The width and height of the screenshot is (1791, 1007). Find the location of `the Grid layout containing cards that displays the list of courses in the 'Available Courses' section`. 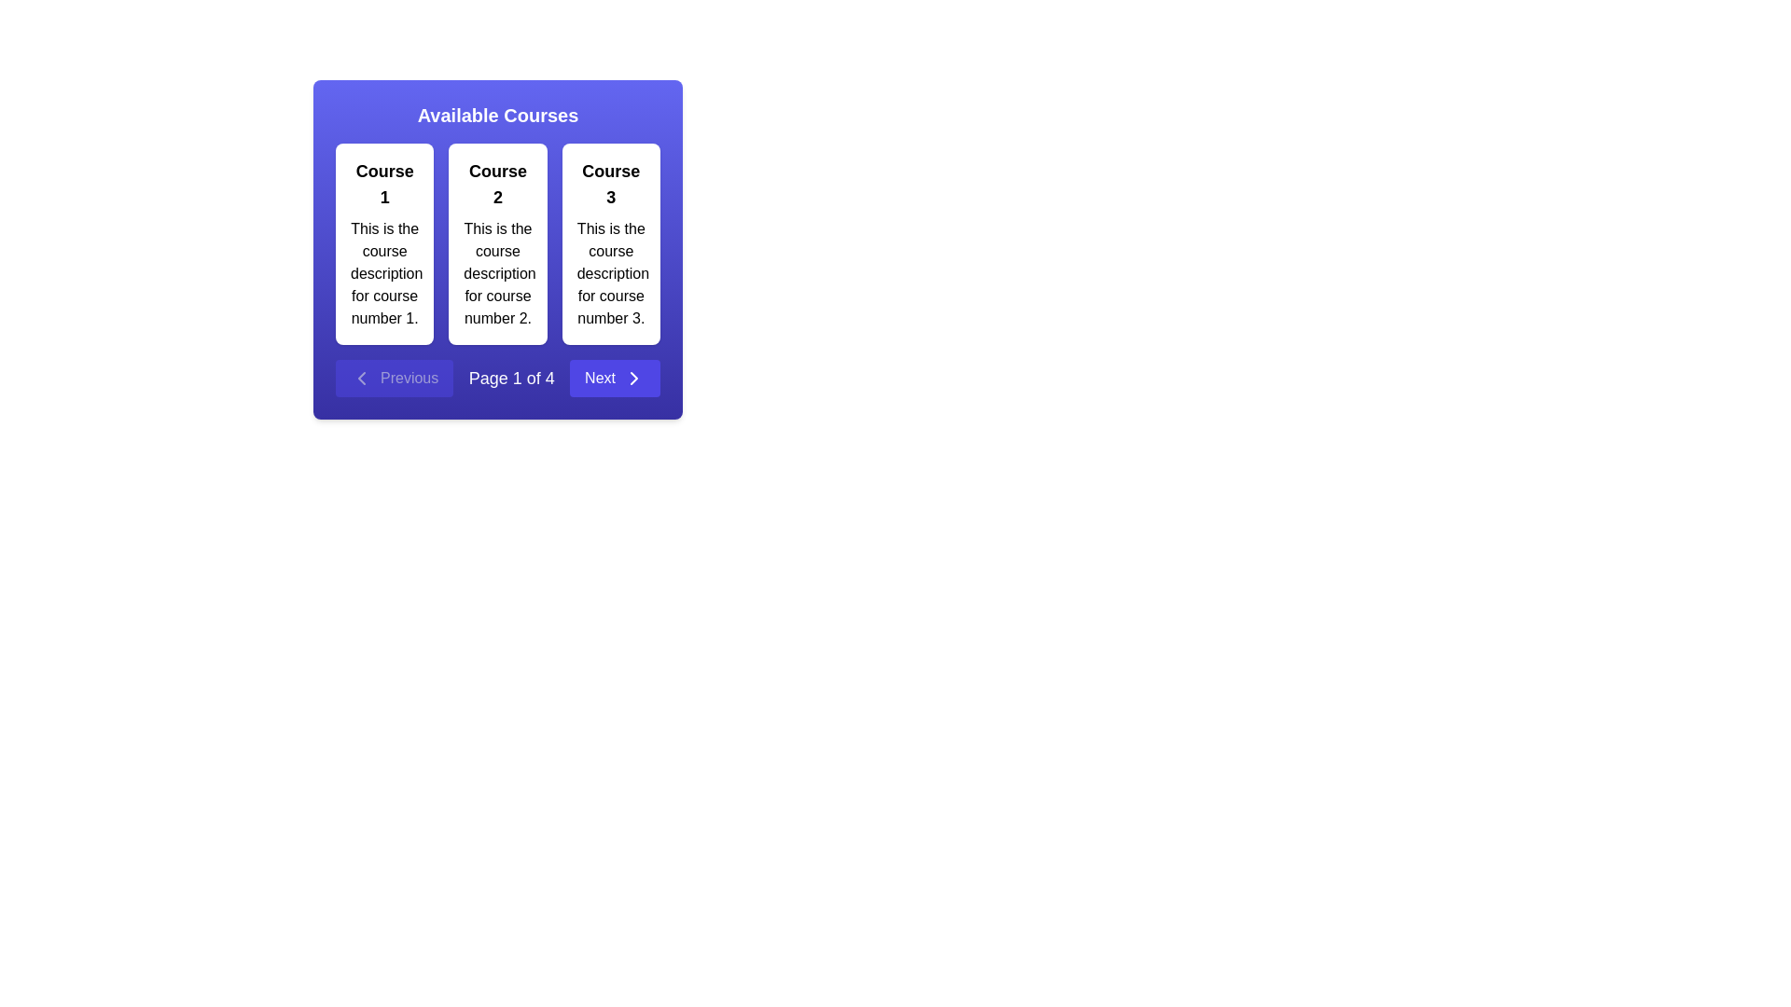

the Grid layout containing cards that displays the list of courses in the 'Available Courses' section is located at coordinates (497, 243).